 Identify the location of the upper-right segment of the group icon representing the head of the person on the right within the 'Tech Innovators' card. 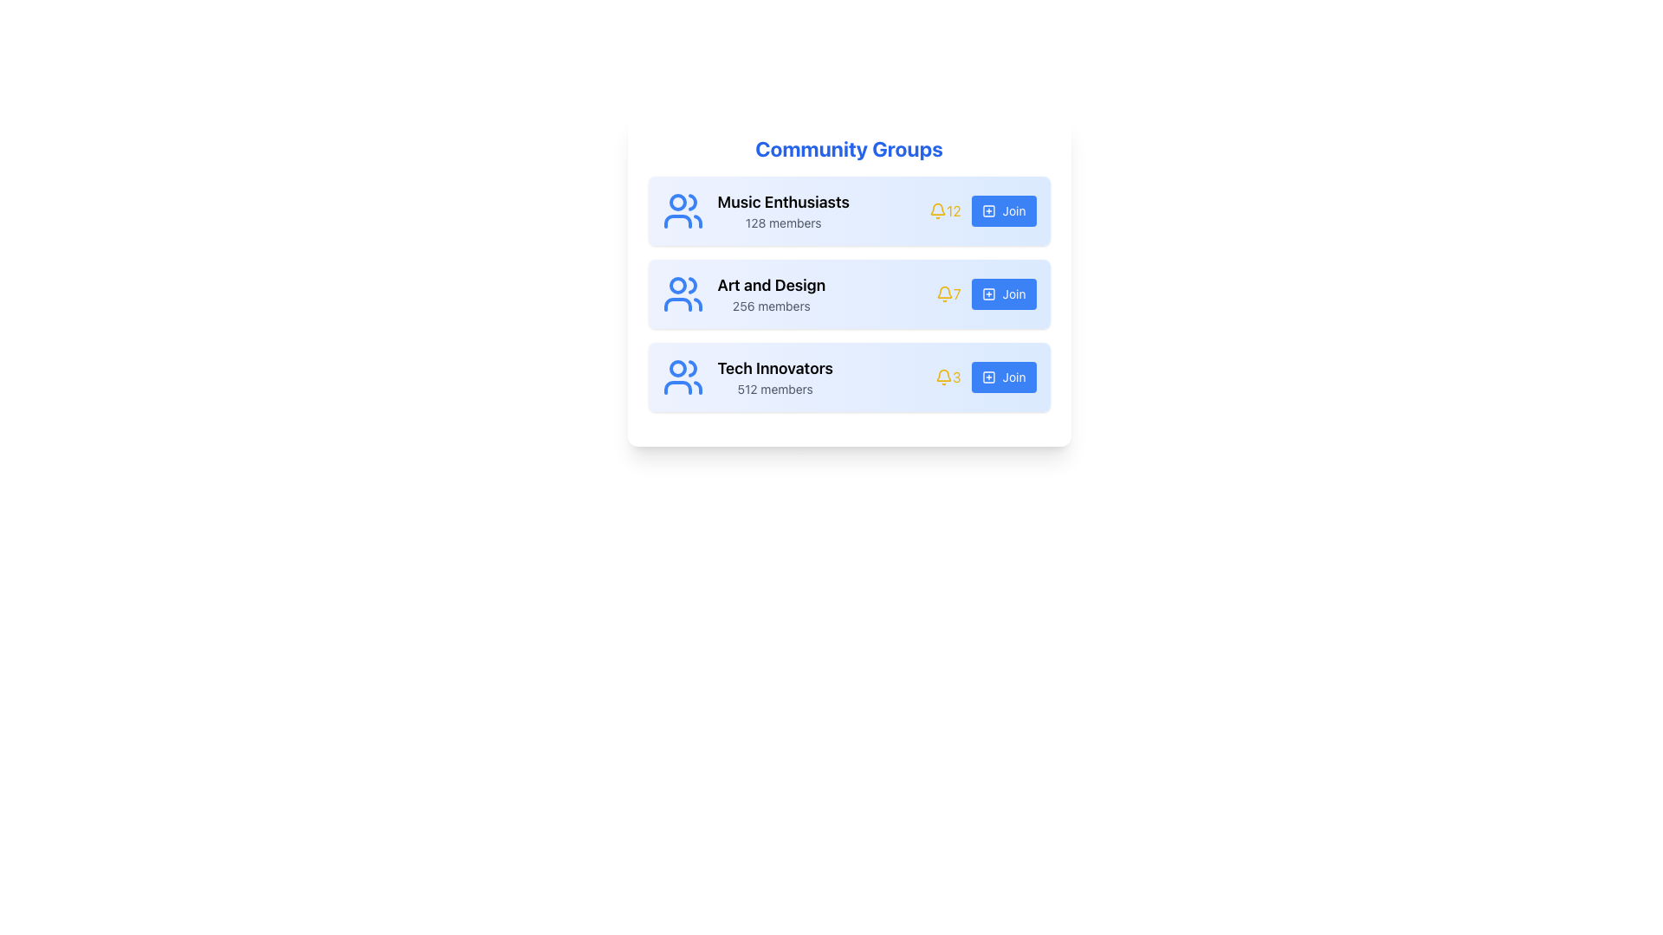
(691, 368).